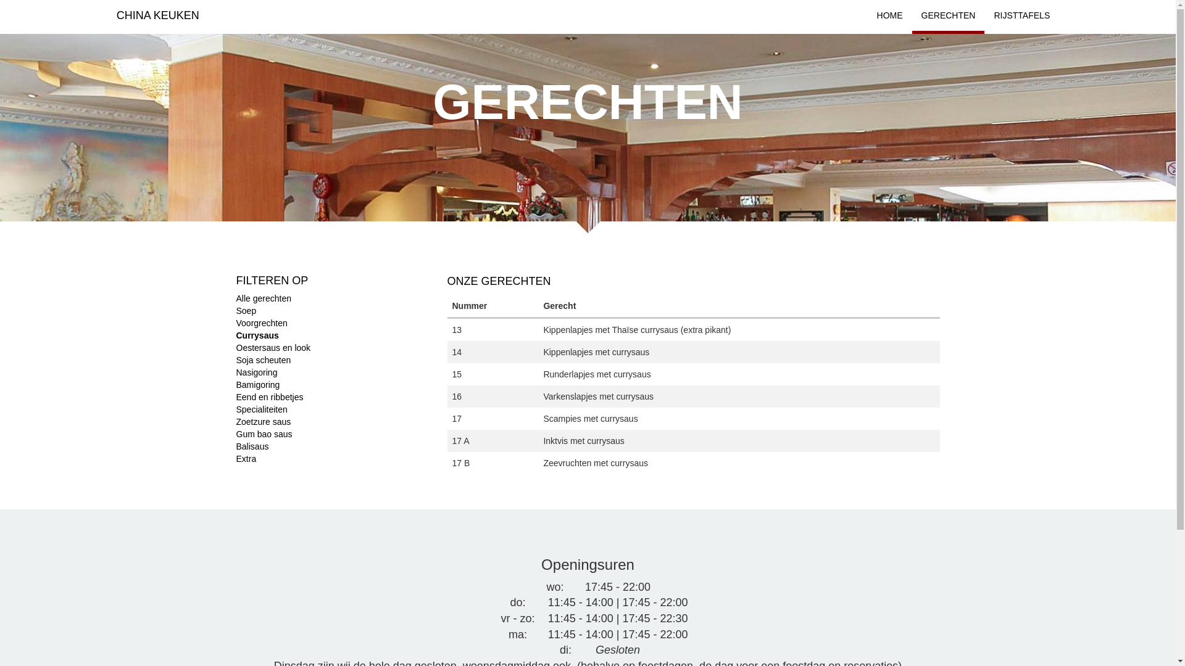  I want to click on 'Apply', so click(0, 7).